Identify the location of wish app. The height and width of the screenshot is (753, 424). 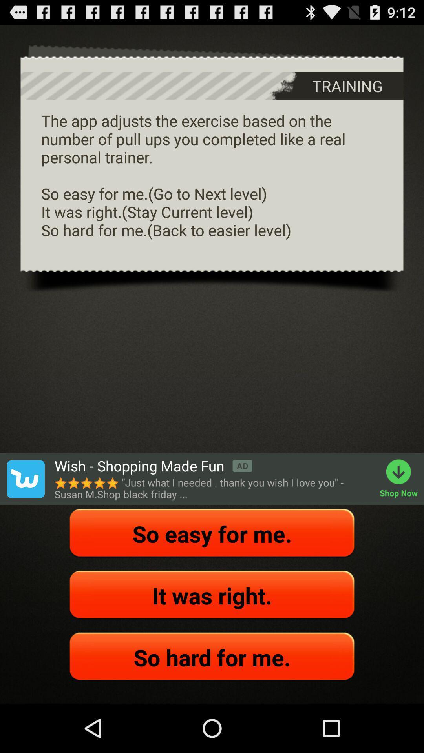
(25, 478).